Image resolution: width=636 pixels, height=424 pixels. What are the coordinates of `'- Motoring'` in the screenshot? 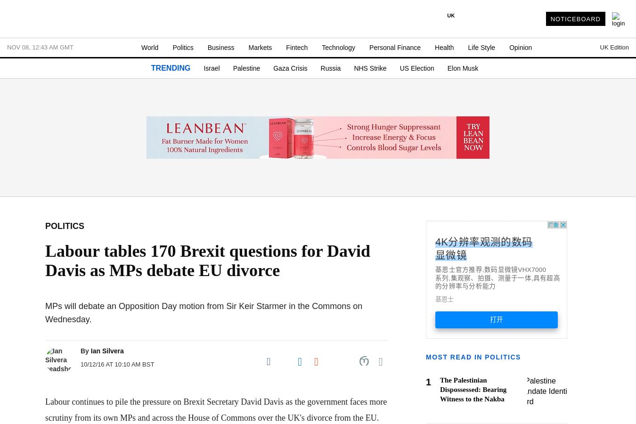 It's located at (26, 213).